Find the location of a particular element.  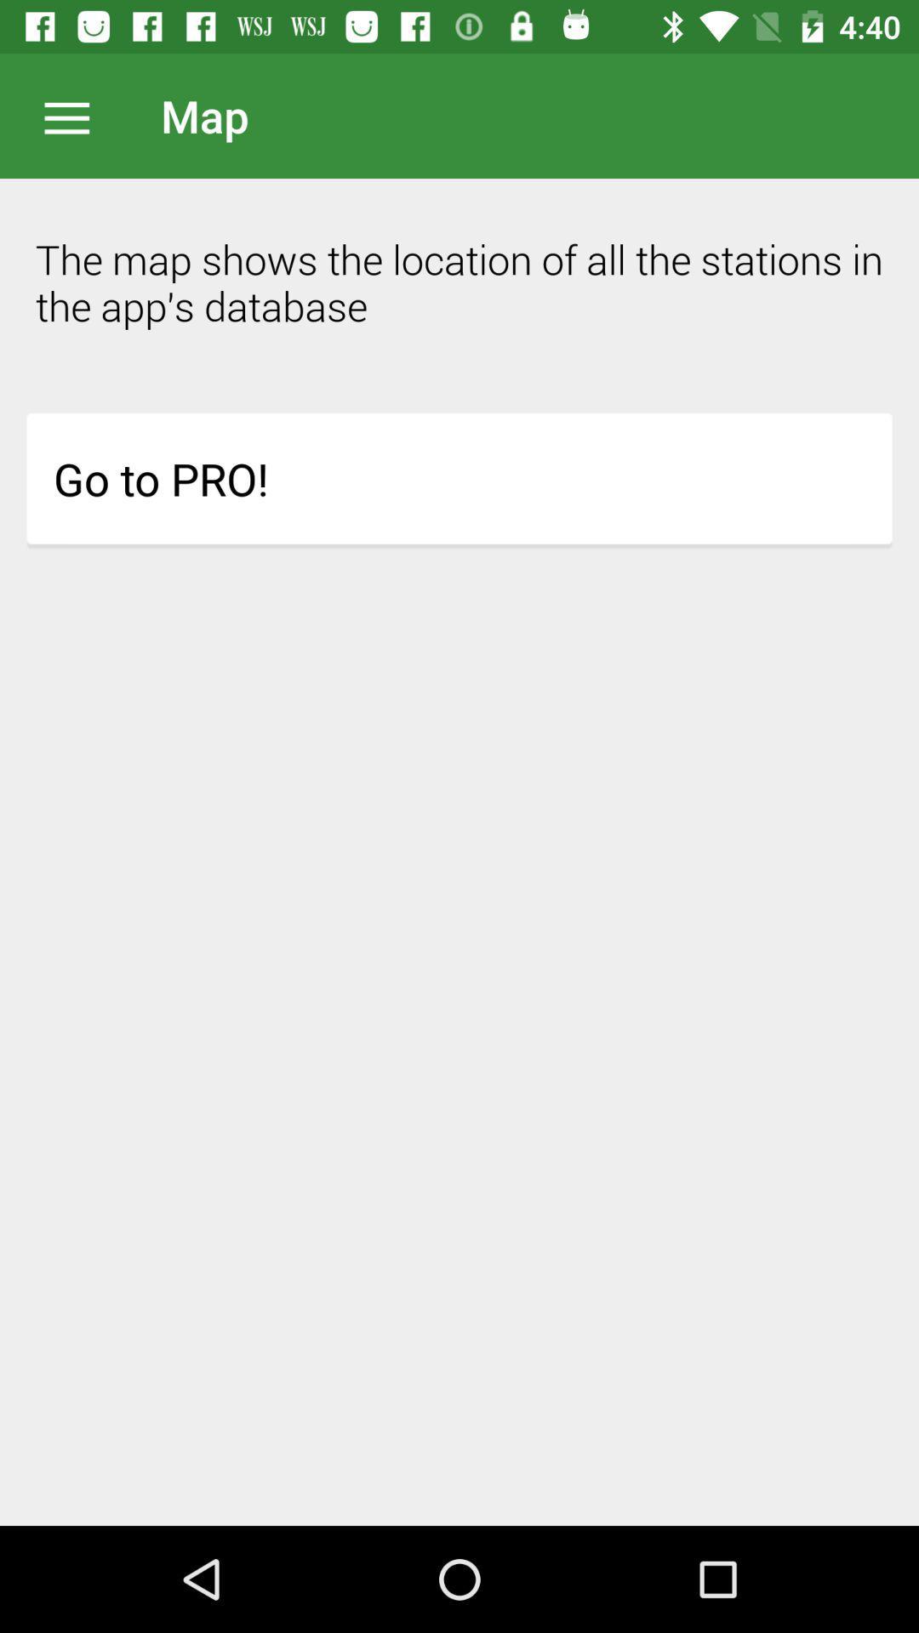

the item above the map shows item is located at coordinates (75, 115).